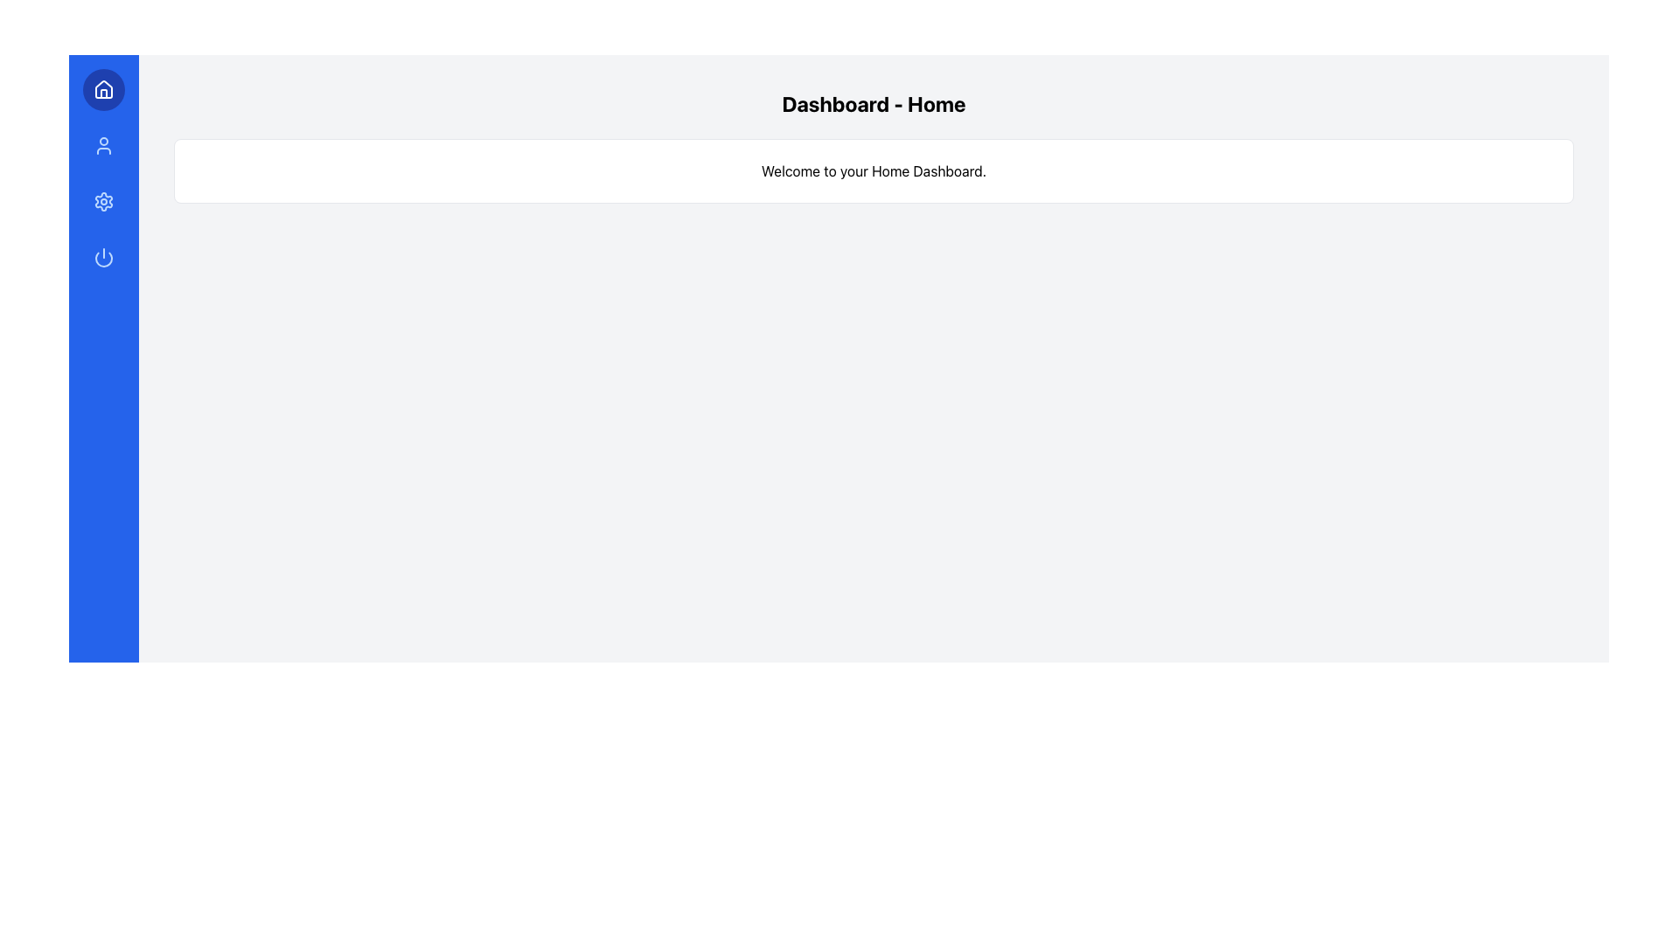  What do you see at coordinates (103, 201) in the screenshot?
I see `the third interactive icon in the vertical navigation bar on the left side` at bounding box center [103, 201].